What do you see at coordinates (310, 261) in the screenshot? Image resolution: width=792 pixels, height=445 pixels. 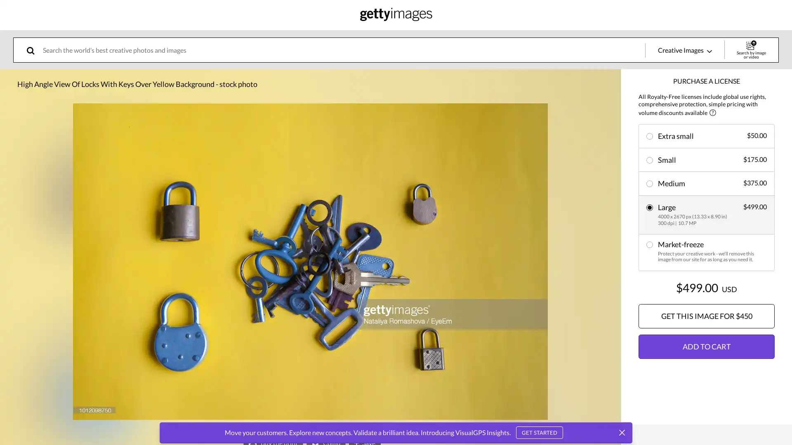 I see `expand` at bounding box center [310, 261].